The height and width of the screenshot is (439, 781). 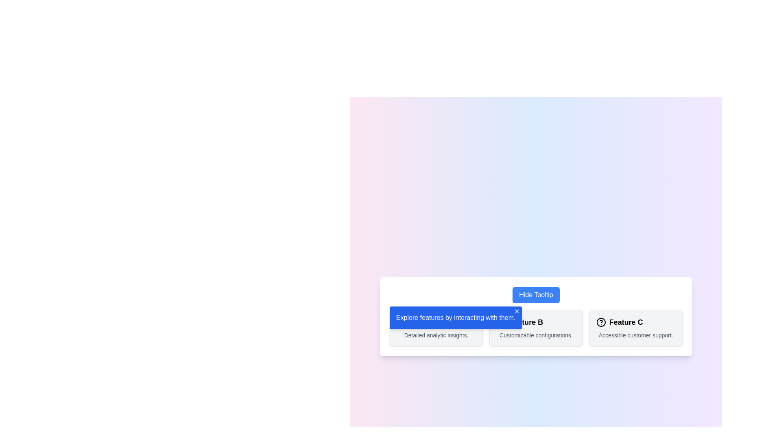 What do you see at coordinates (626, 322) in the screenshot?
I see `the text label for 'Feature C', which is positioned in the third column of the layout, to the right of 'Feature B'` at bounding box center [626, 322].